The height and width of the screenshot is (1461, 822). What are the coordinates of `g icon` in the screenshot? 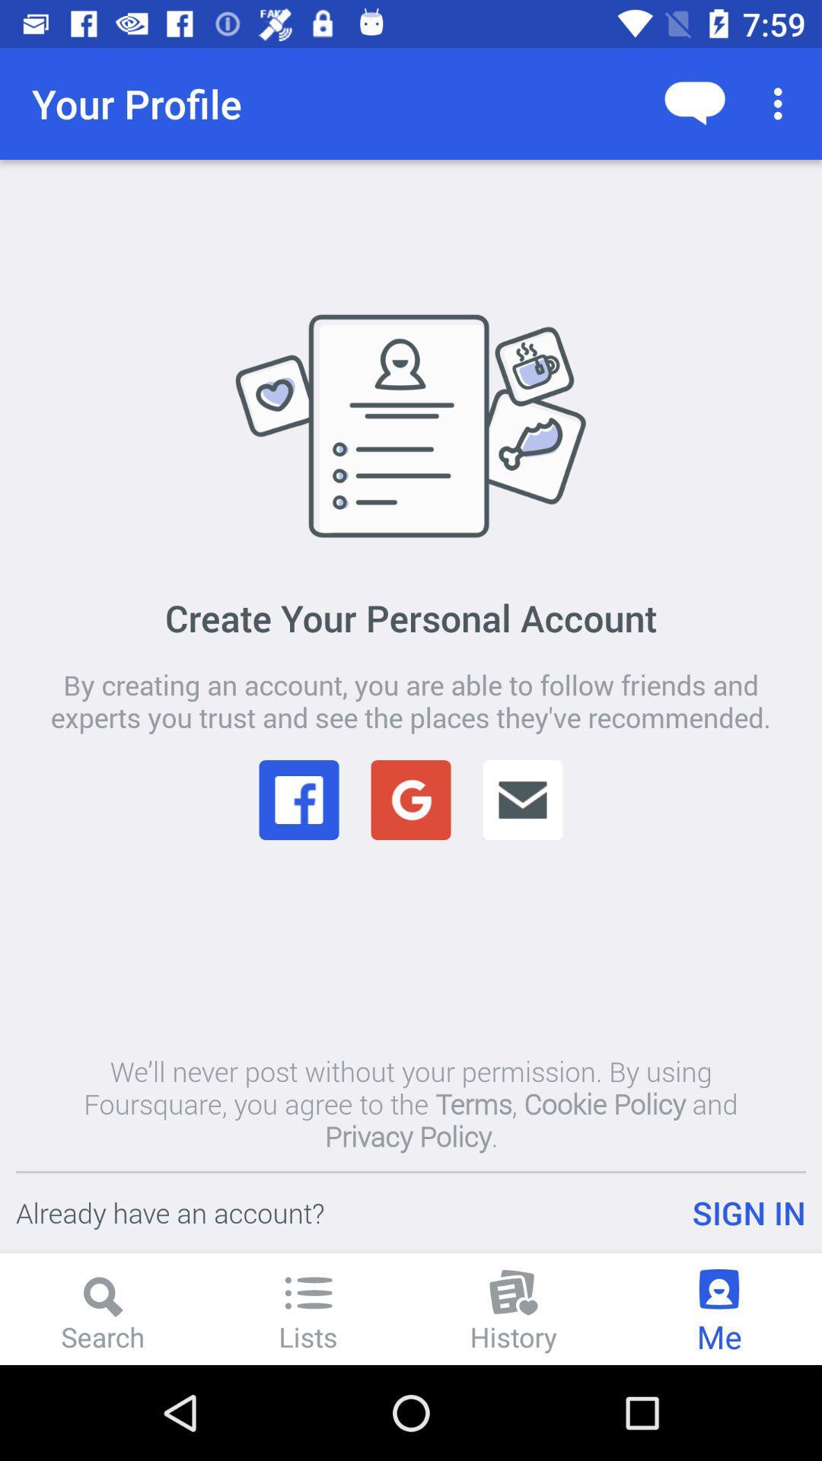 It's located at (411, 799).